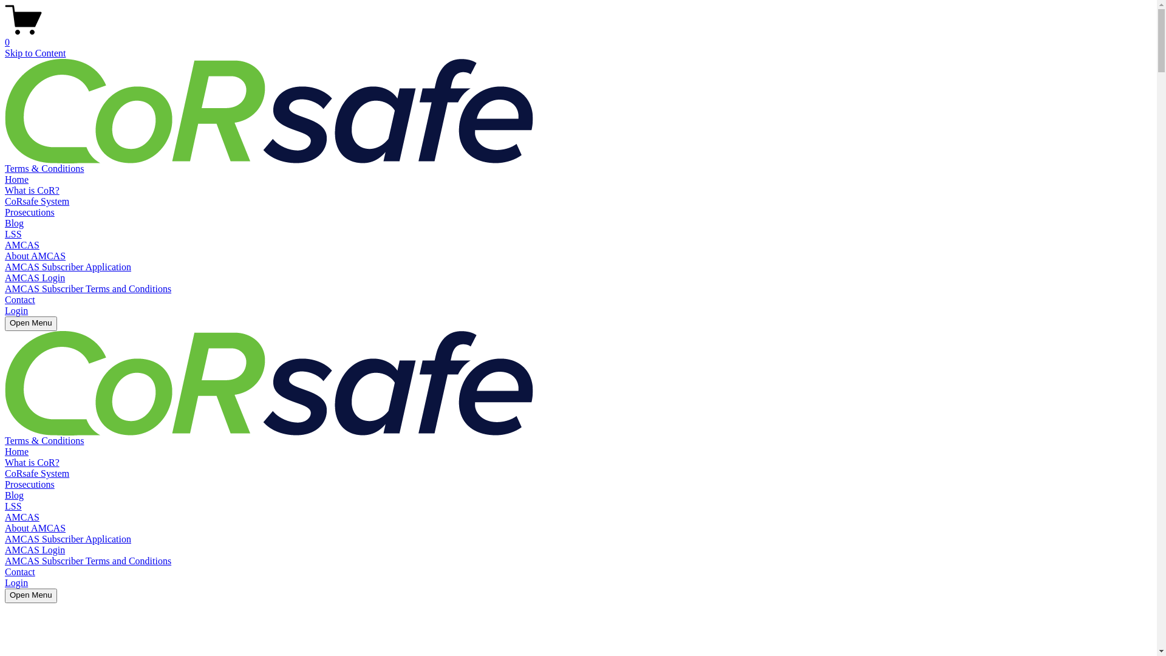 This screenshot has height=656, width=1166. What do you see at coordinates (37, 200) in the screenshot?
I see `'CoRsafe System'` at bounding box center [37, 200].